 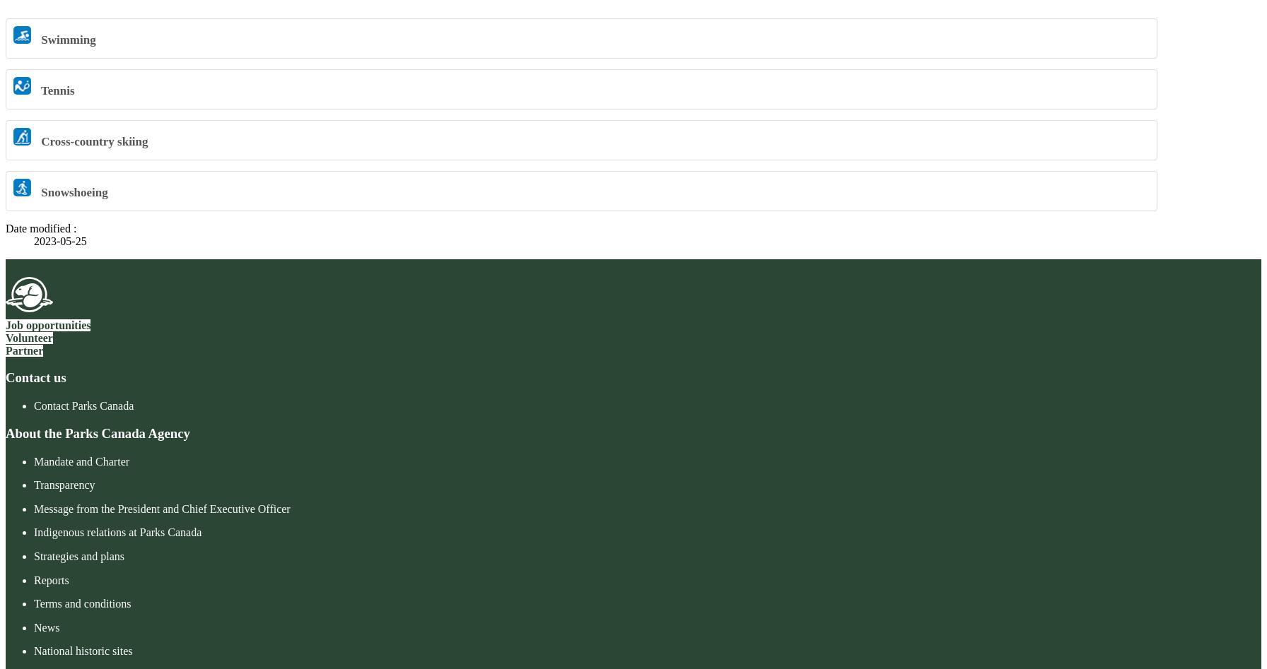 What do you see at coordinates (51, 579) in the screenshot?
I see `'Reports'` at bounding box center [51, 579].